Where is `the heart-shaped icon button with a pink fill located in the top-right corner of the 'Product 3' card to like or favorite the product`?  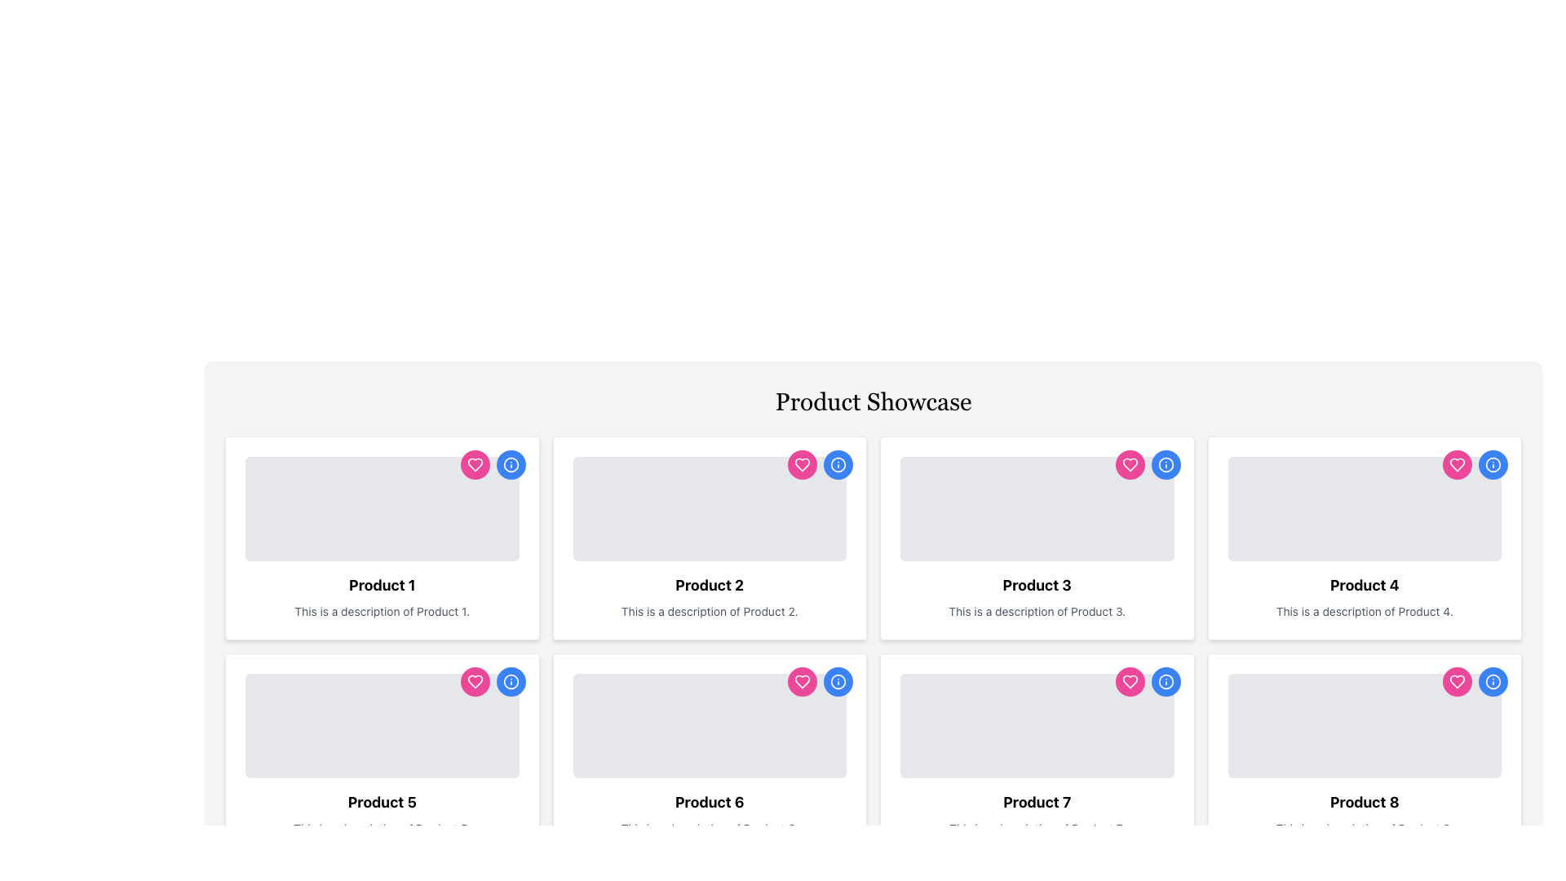 the heart-shaped icon button with a pink fill located in the top-right corner of the 'Product 3' card to like or favorite the product is located at coordinates (1129, 465).